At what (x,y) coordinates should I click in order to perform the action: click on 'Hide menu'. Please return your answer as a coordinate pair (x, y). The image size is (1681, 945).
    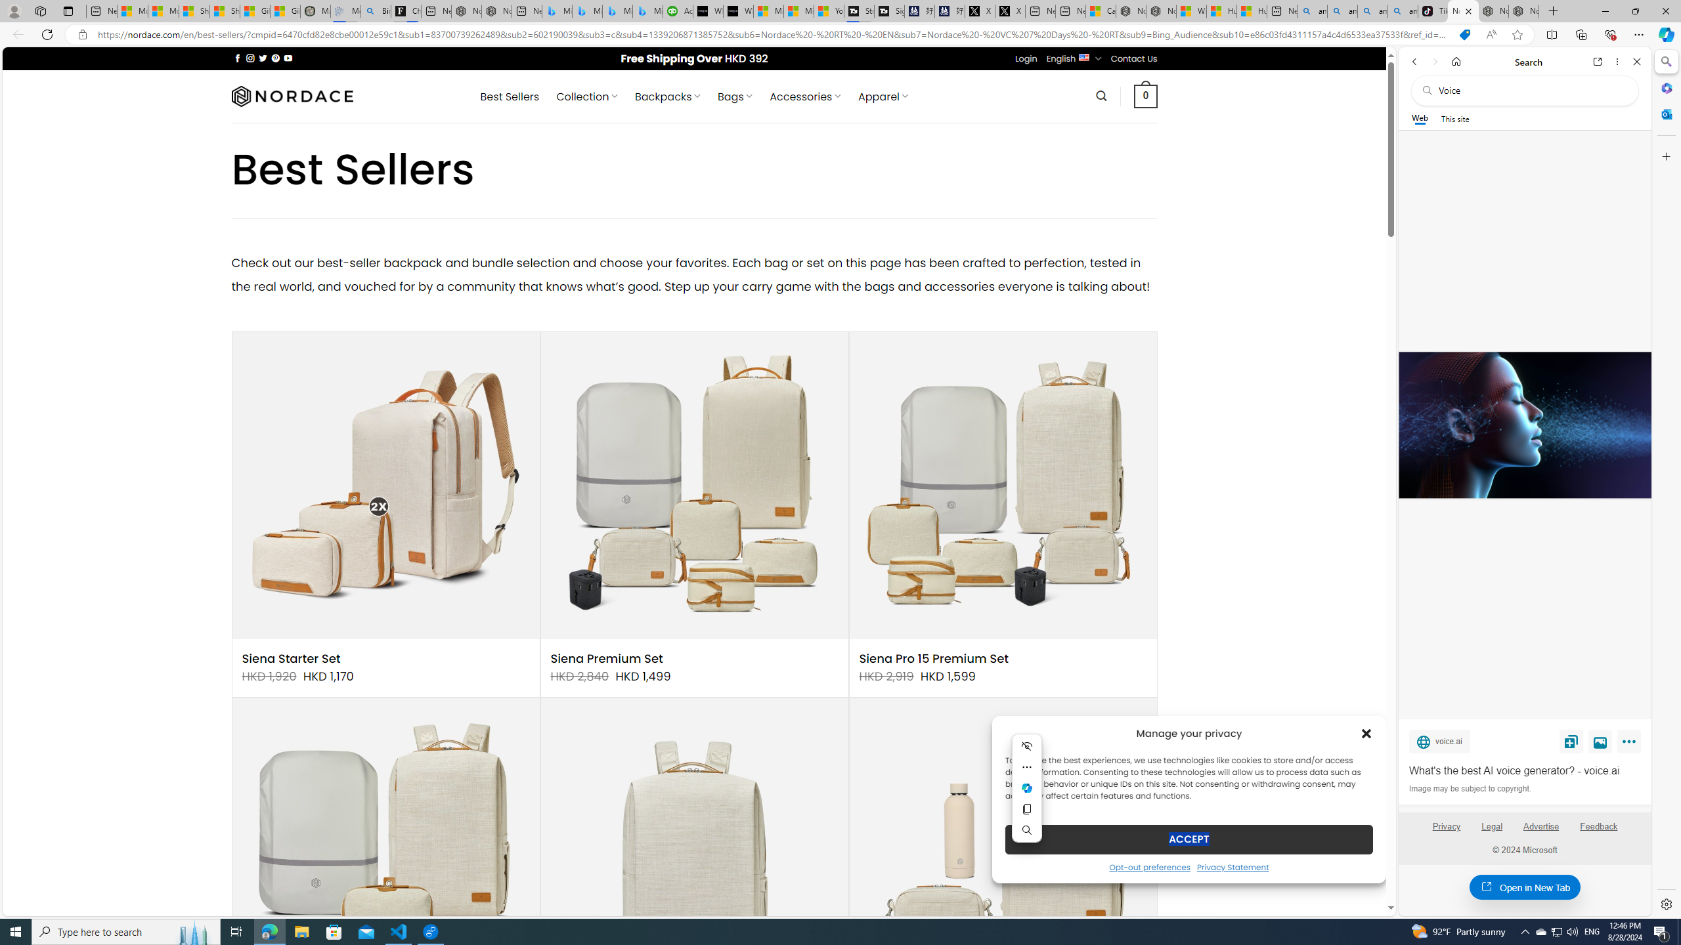
    Looking at the image, I should click on (1027, 745).